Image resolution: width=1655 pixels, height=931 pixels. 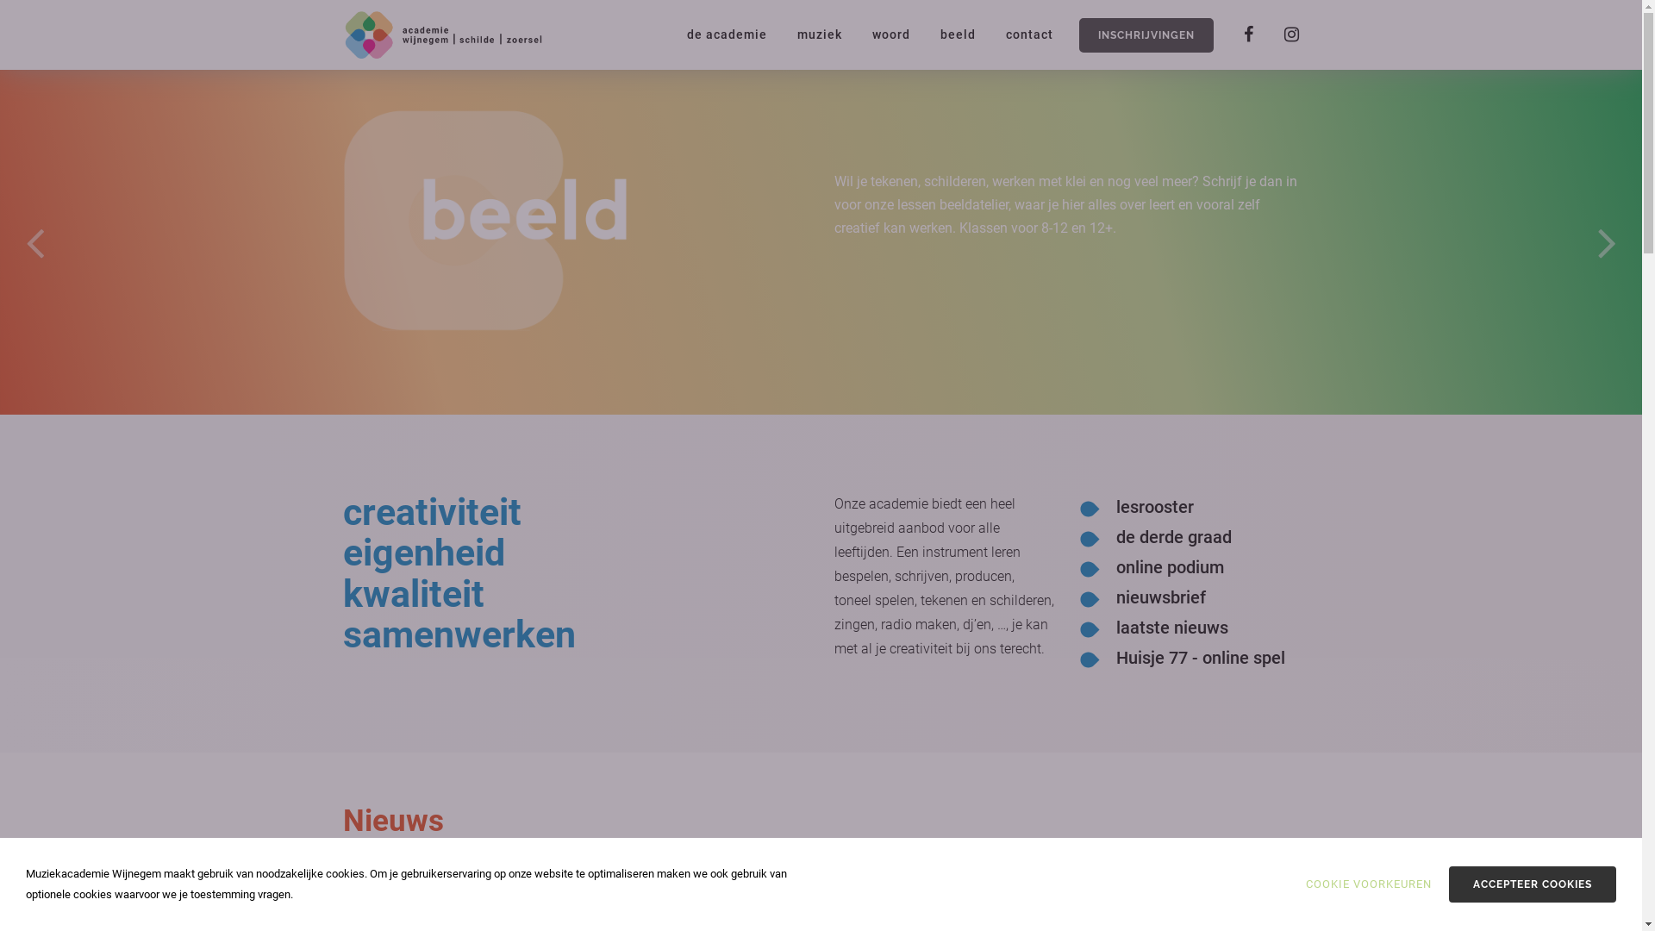 I want to click on 'beeld', so click(x=942, y=30).